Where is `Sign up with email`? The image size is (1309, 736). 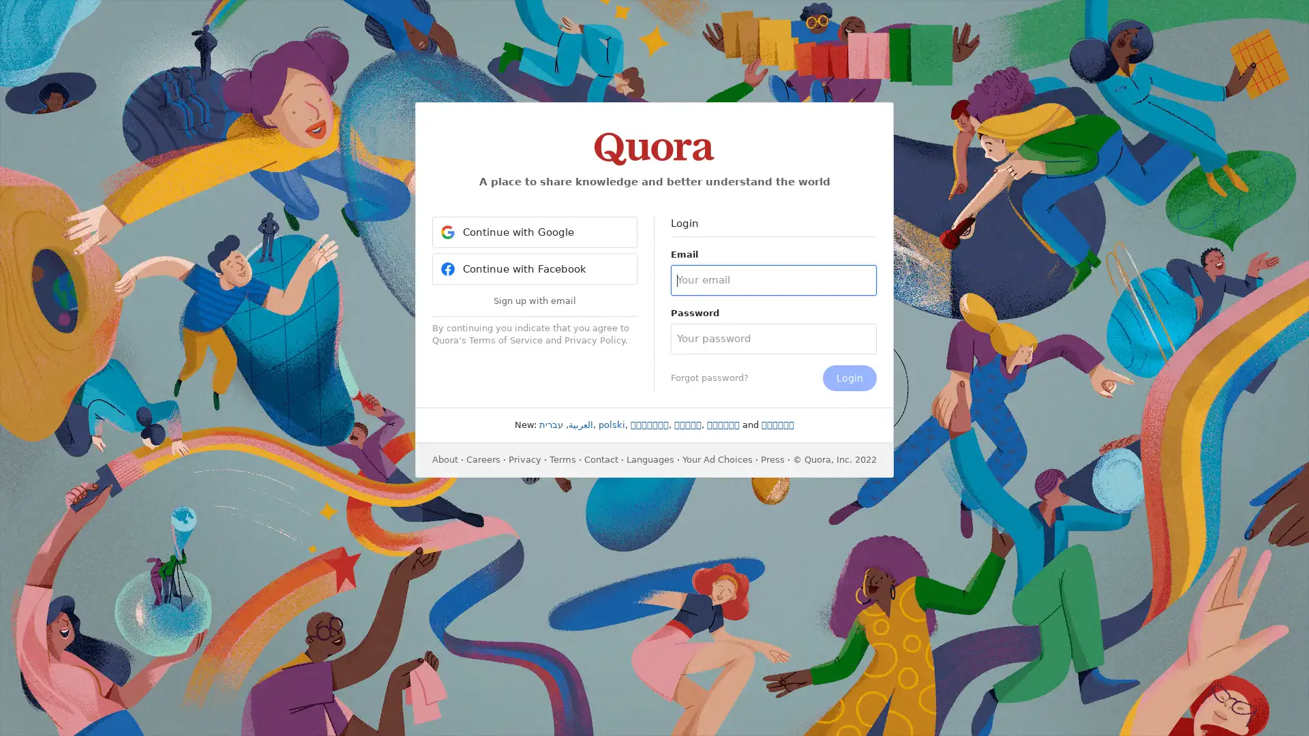
Sign up with email is located at coordinates (534, 299).